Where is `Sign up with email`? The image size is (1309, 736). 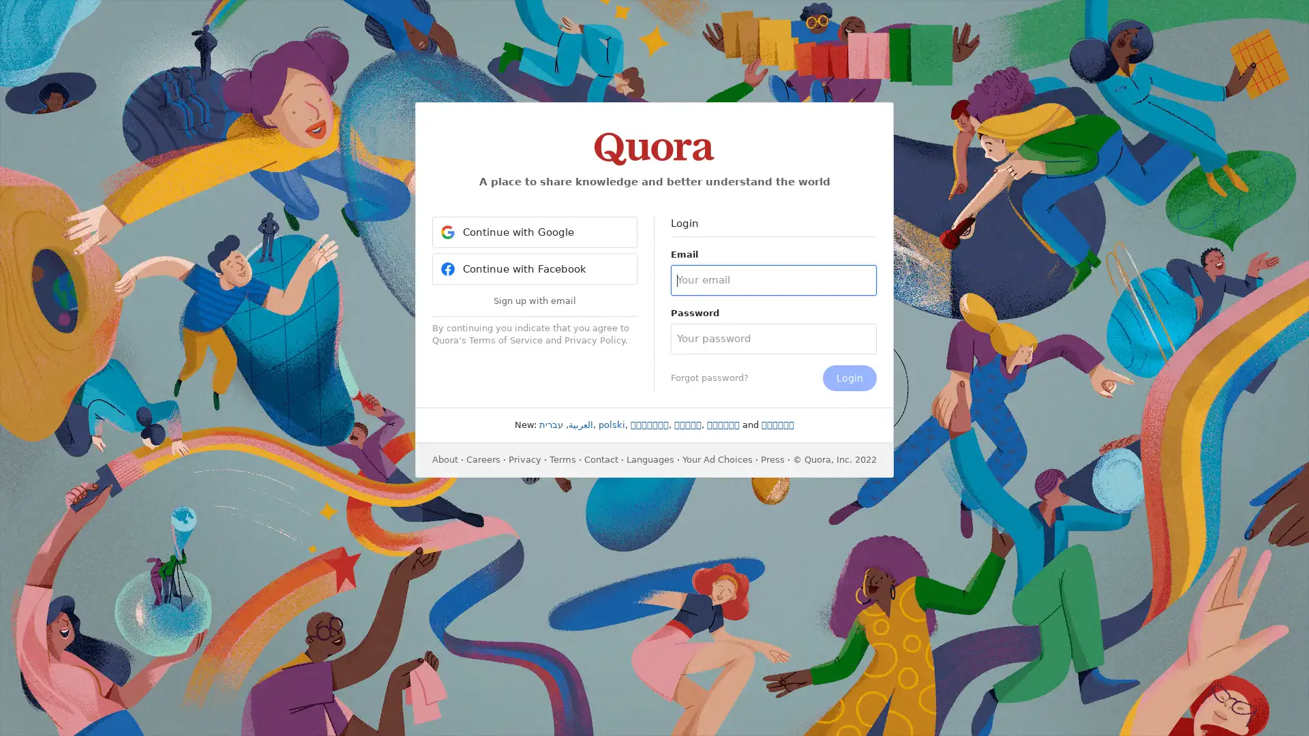
Sign up with email is located at coordinates (534, 299).